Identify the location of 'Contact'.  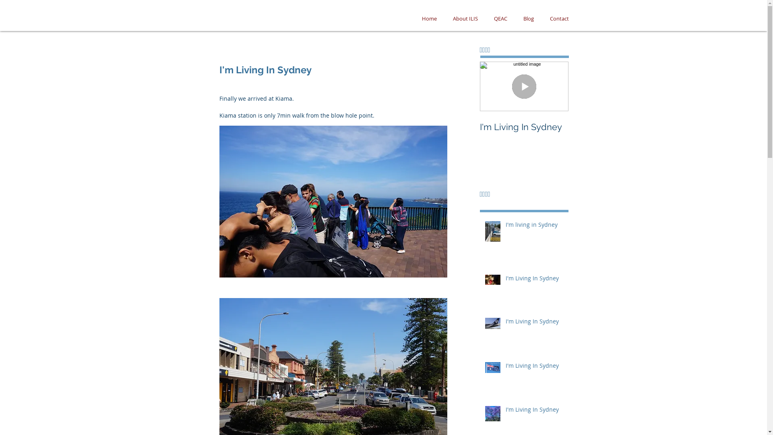
(559, 18).